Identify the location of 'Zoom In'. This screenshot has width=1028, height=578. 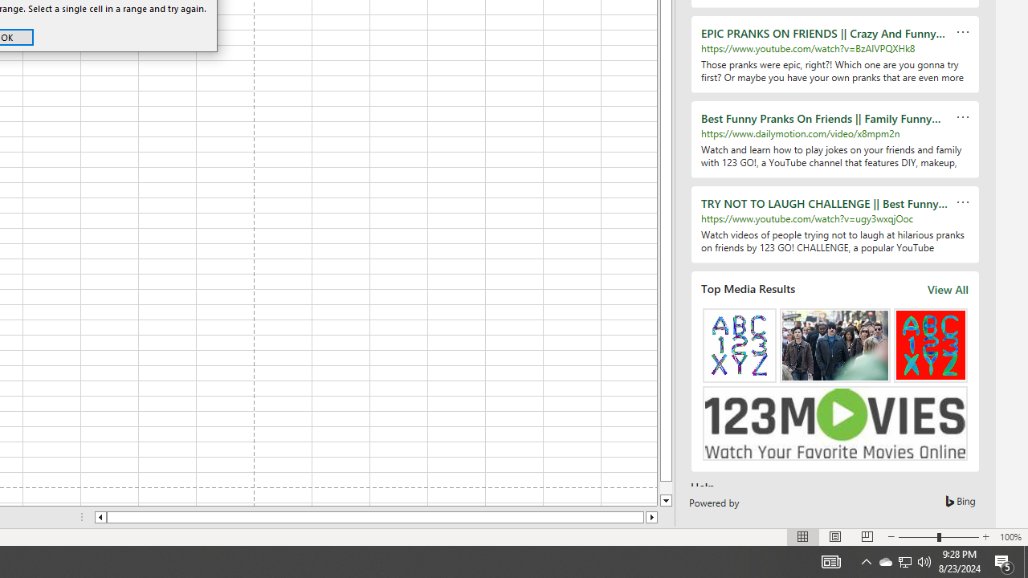
(985, 537).